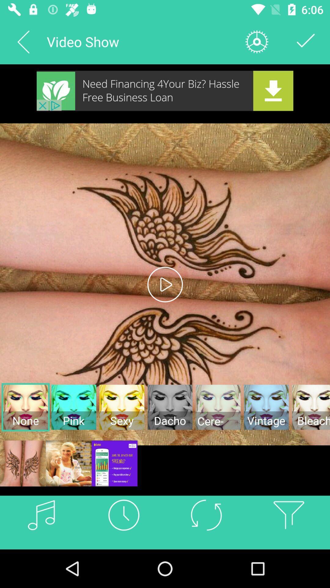 This screenshot has height=588, width=330. What do you see at coordinates (114, 463) in the screenshot?
I see `the sliders icon` at bounding box center [114, 463].